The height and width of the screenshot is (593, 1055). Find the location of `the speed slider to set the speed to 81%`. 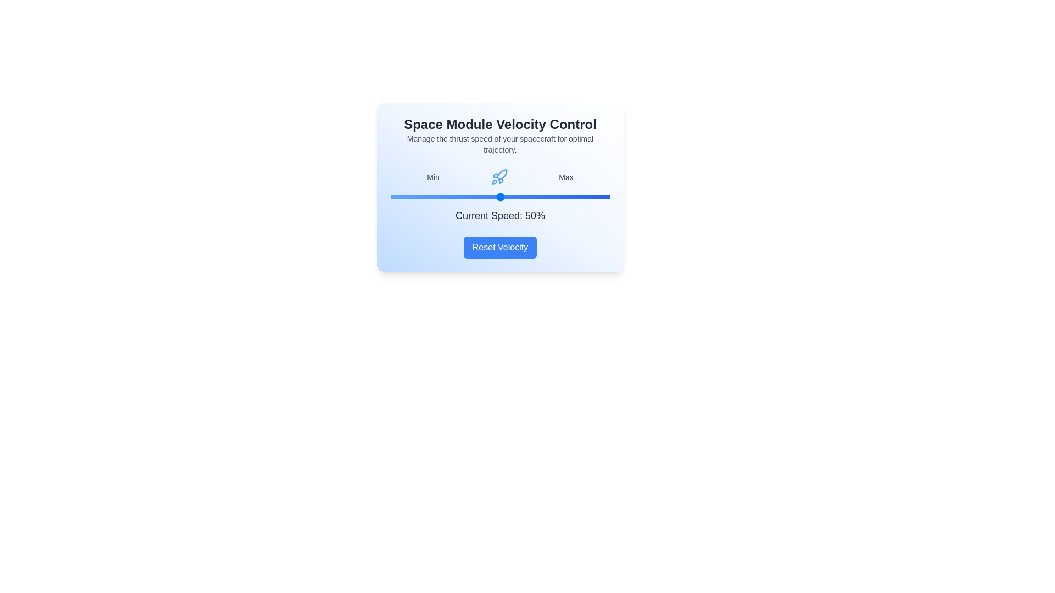

the speed slider to set the speed to 81% is located at coordinates (568, 196).